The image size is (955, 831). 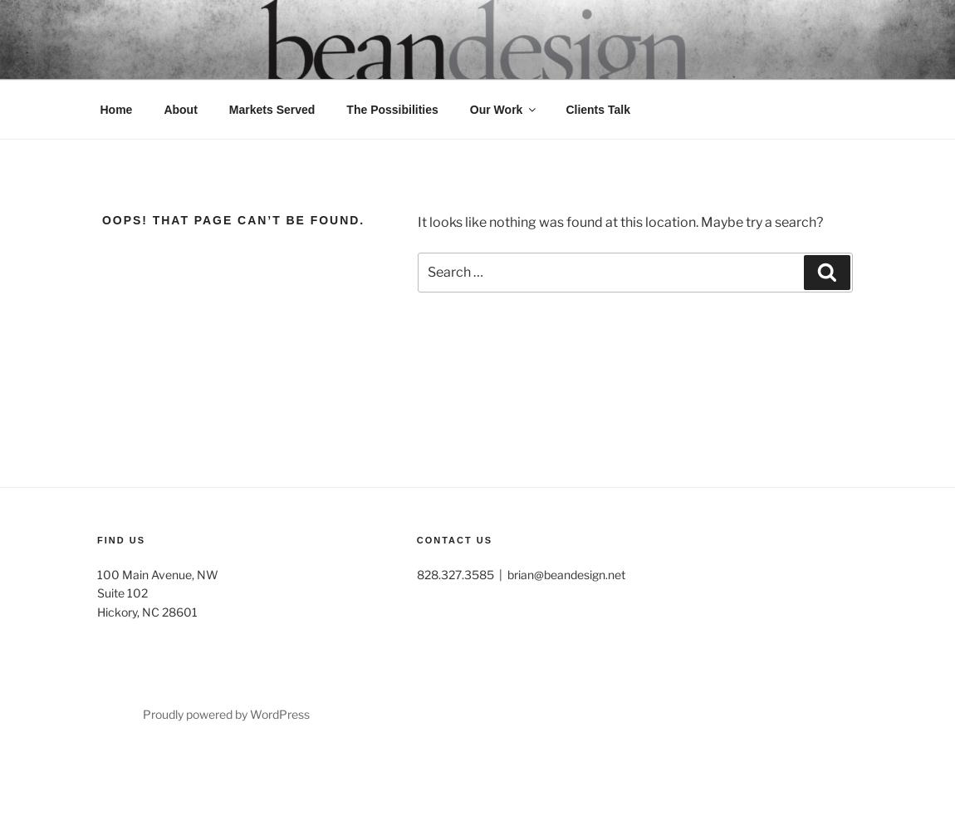 What do you see at coordinates (120, 540) in the screenshot?
I see `'Find Us'` at bounding box center [120, 540].